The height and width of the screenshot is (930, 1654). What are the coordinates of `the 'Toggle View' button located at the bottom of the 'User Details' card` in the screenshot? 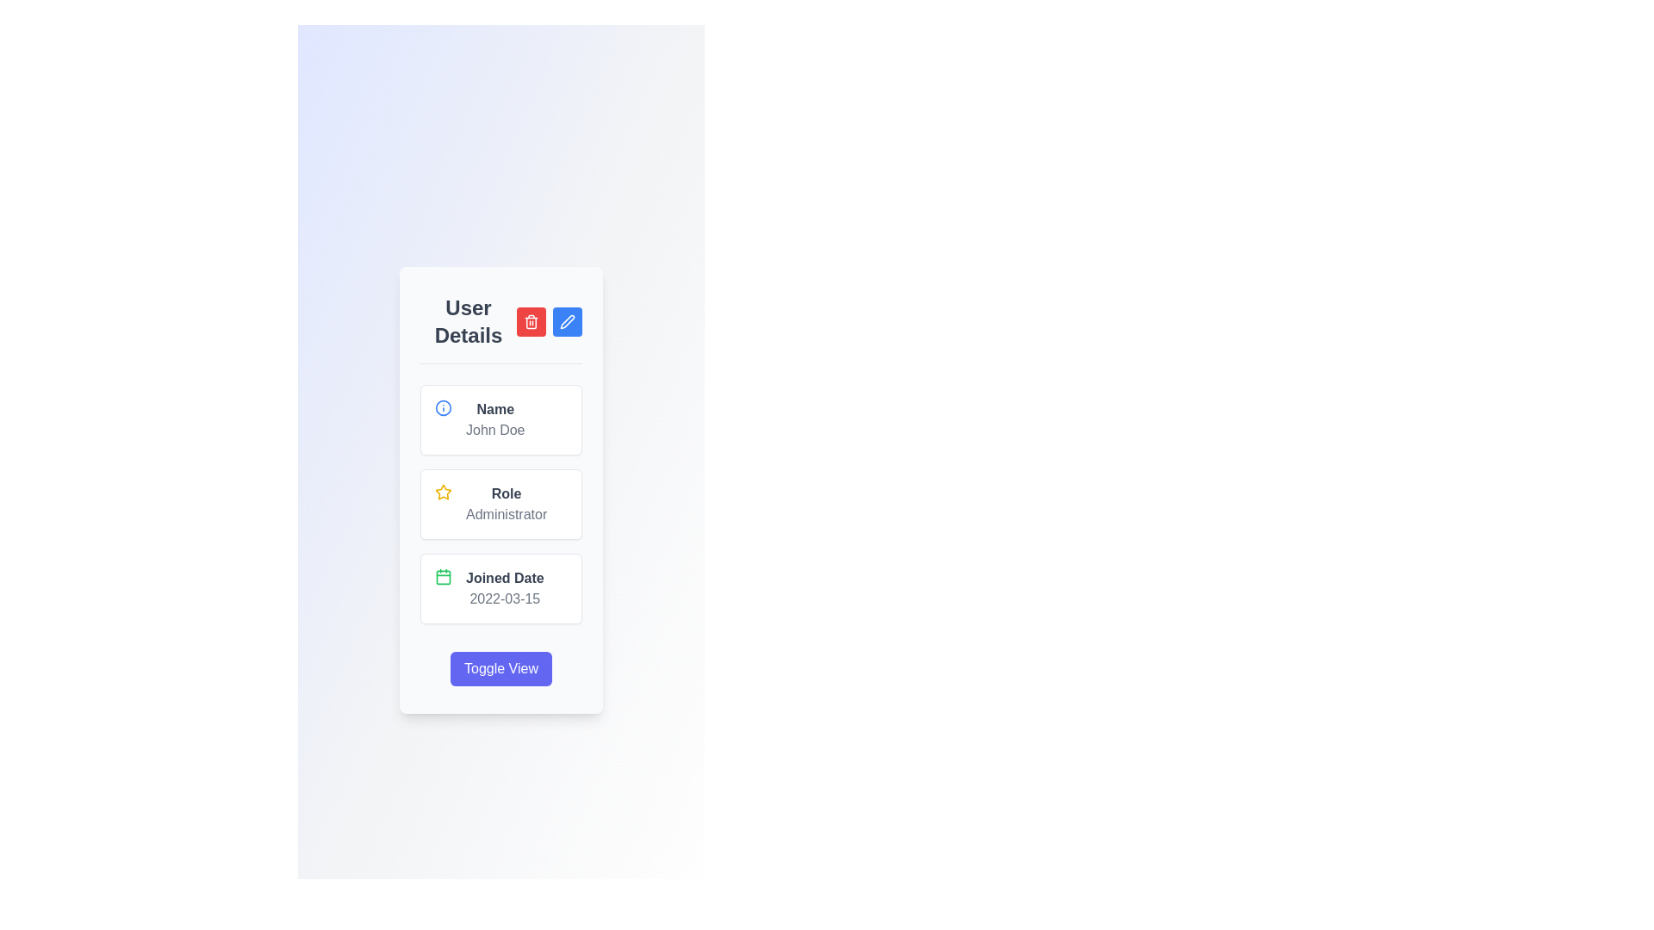 It's located at (500, 667).